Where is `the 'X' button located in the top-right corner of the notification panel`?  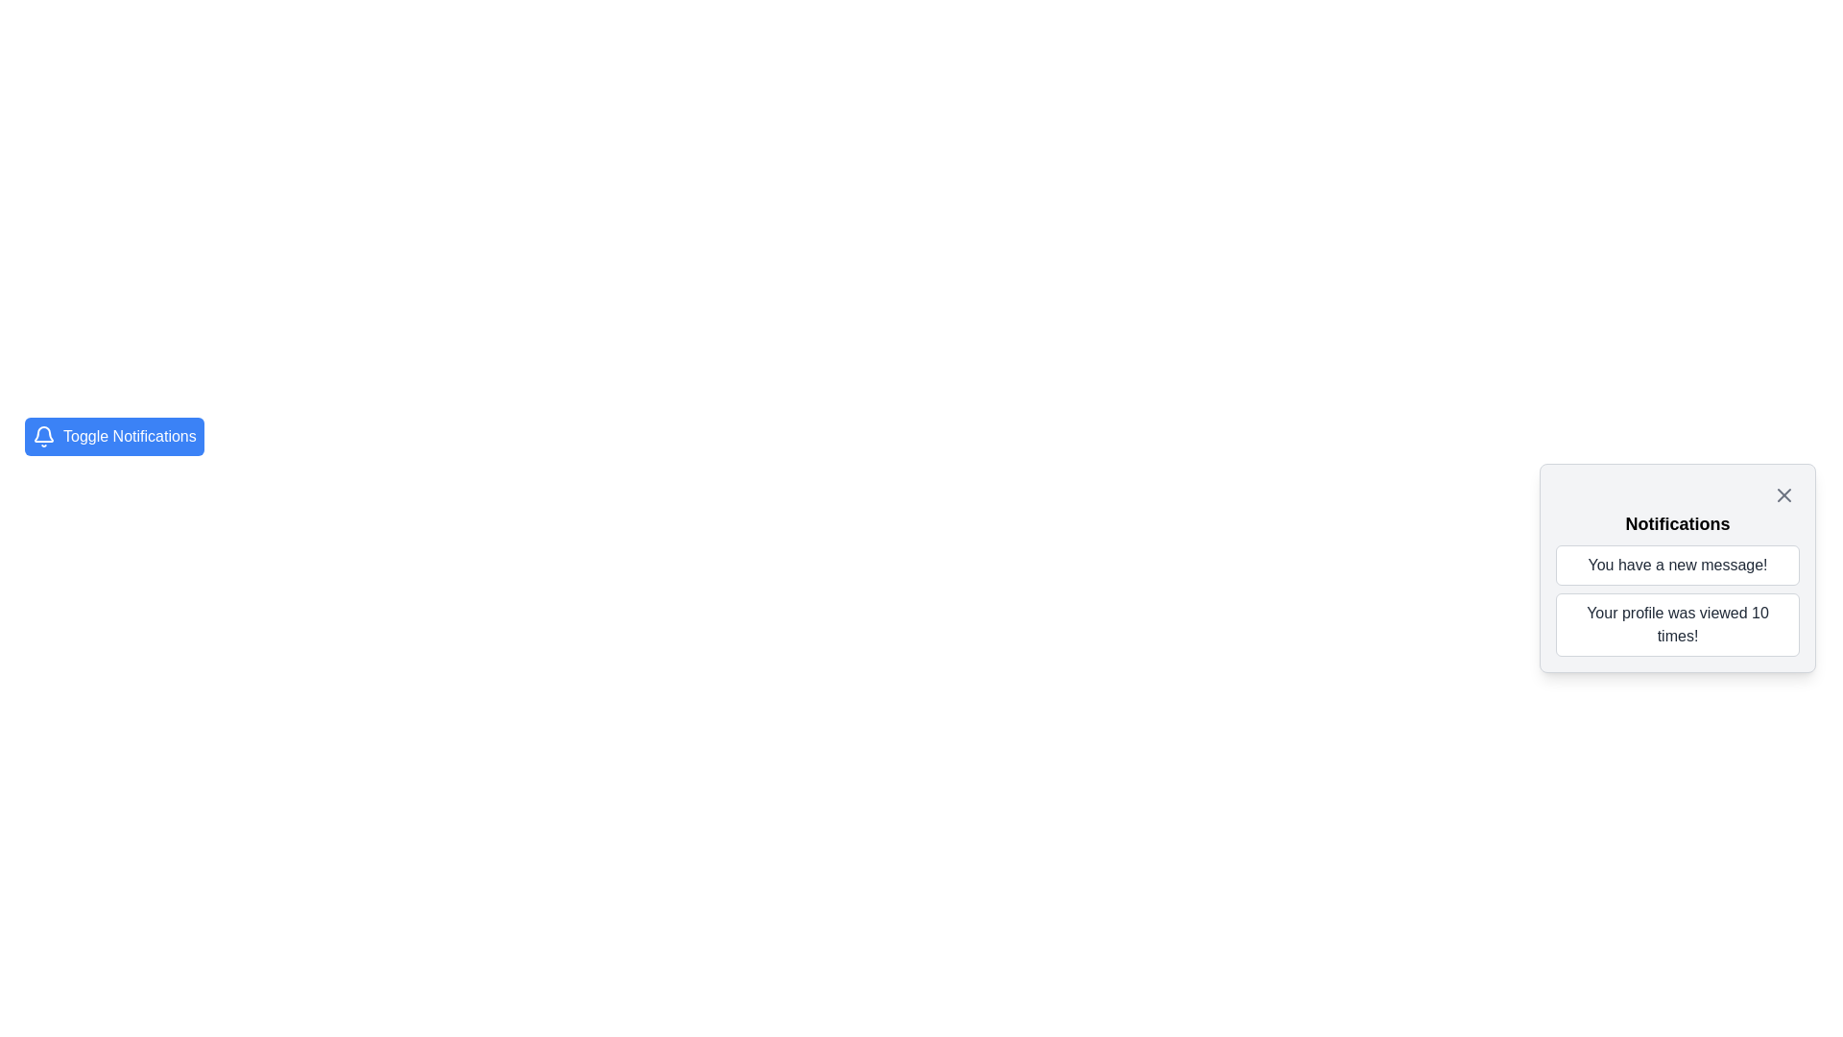
the 'X' button located in the top-right corner of the notification panel is located at coordinates (1783, 494).